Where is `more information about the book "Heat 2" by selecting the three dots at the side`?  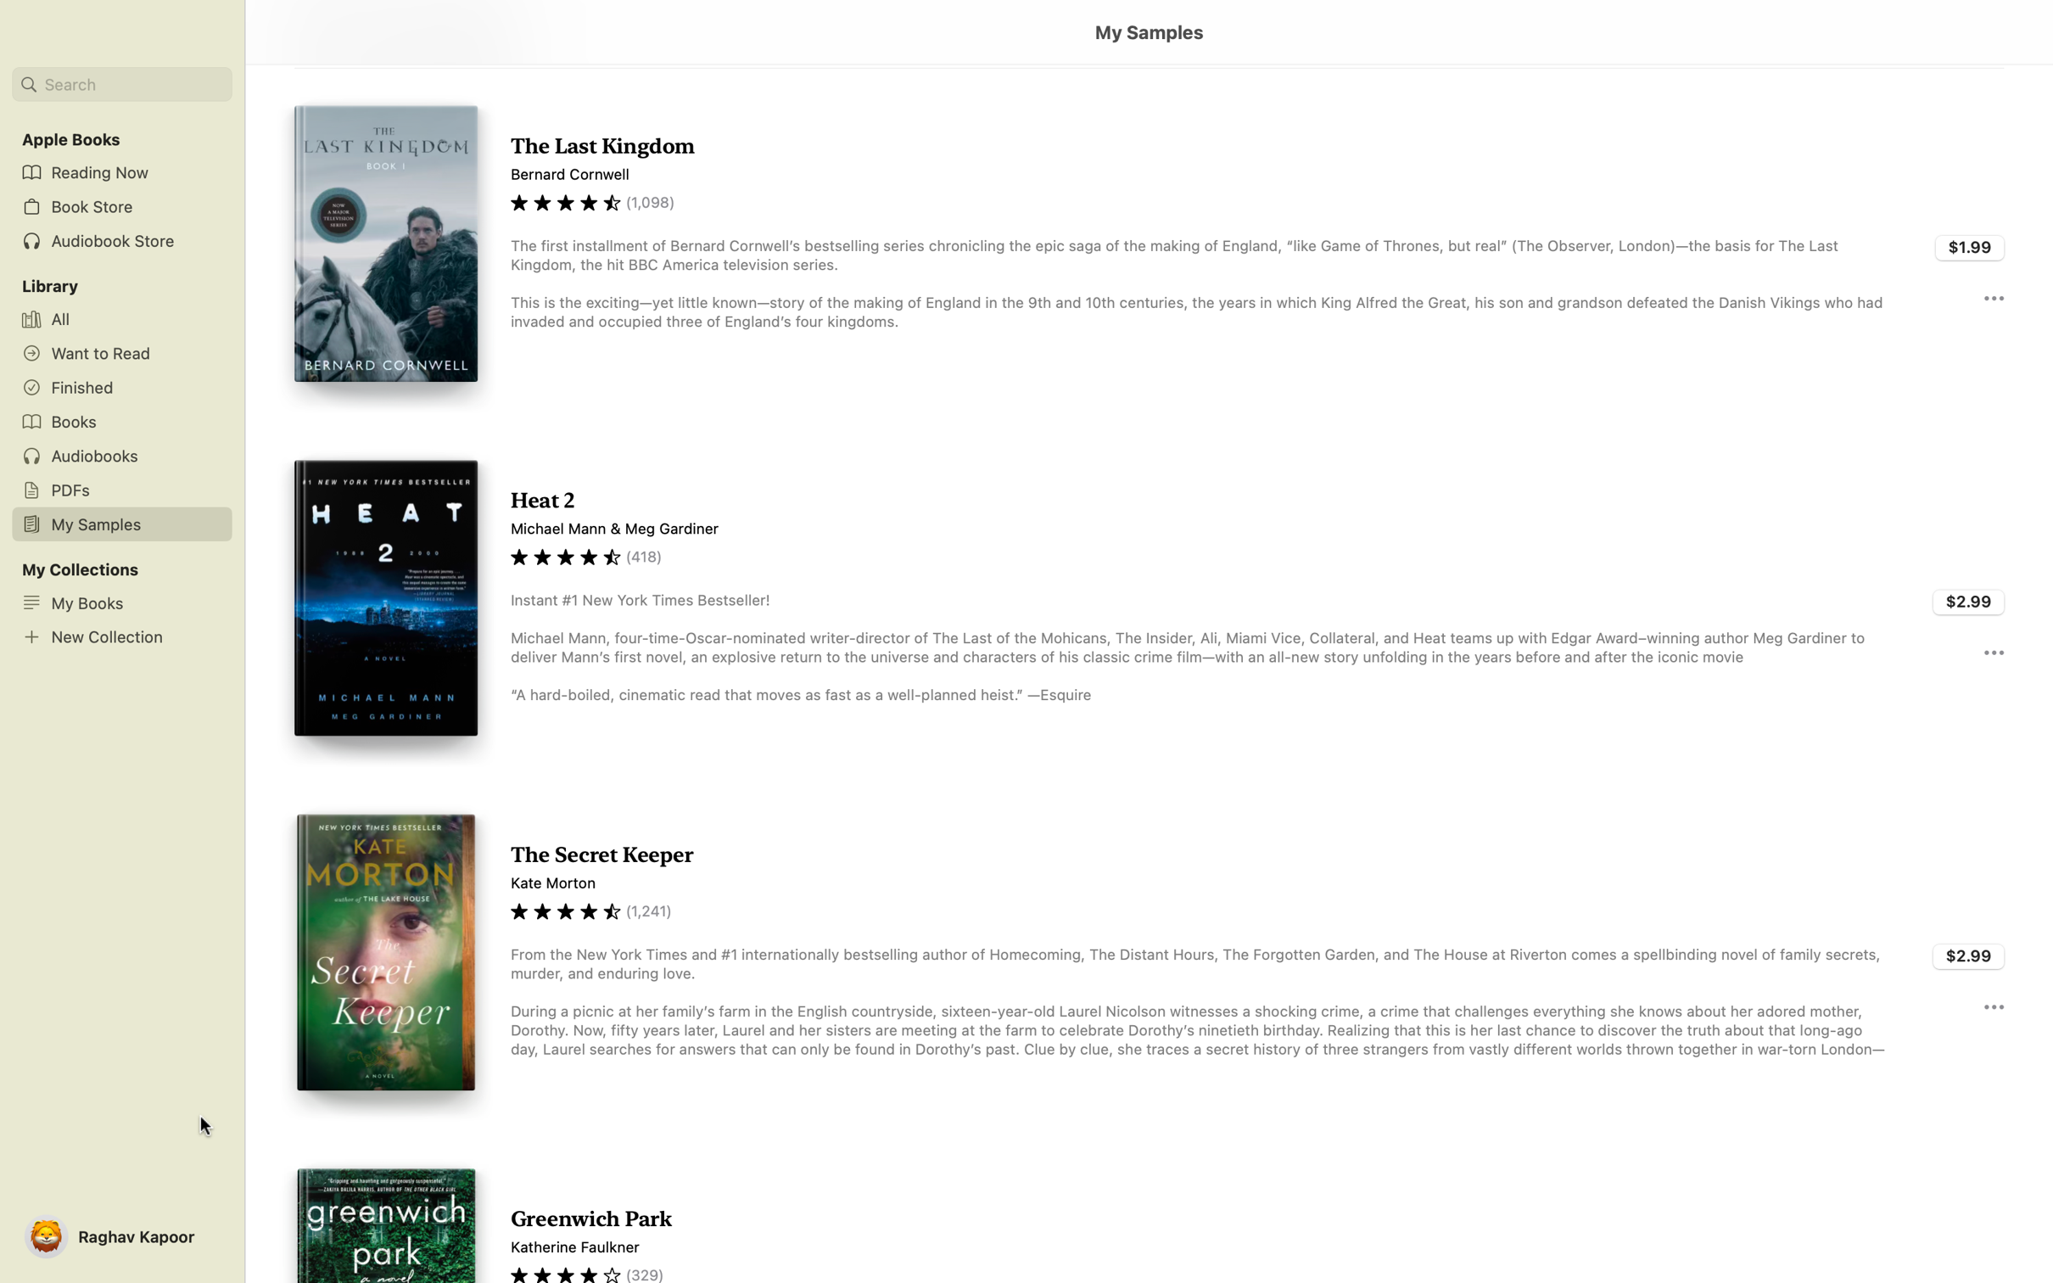 more information about the book "Heat 2" by selecting the three dots at the side is located at coordinates (1993, 652).